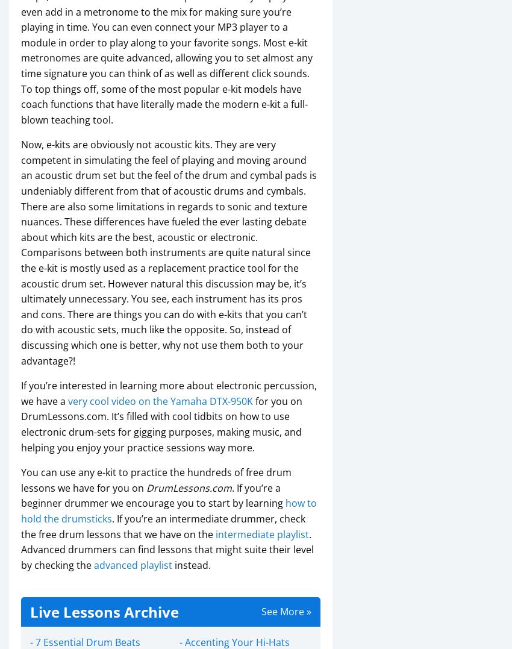  Describe the element at coordinates (133, 563) in the screenshot. I see `'advanced playlist'` at that location.